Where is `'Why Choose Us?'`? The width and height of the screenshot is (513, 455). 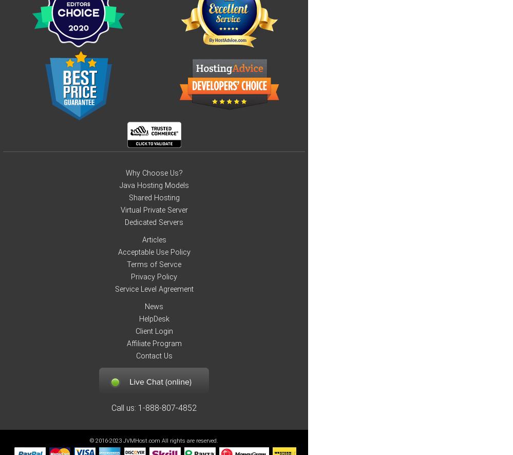 'Why Choose Us?' is located at coordinates (153, 173).